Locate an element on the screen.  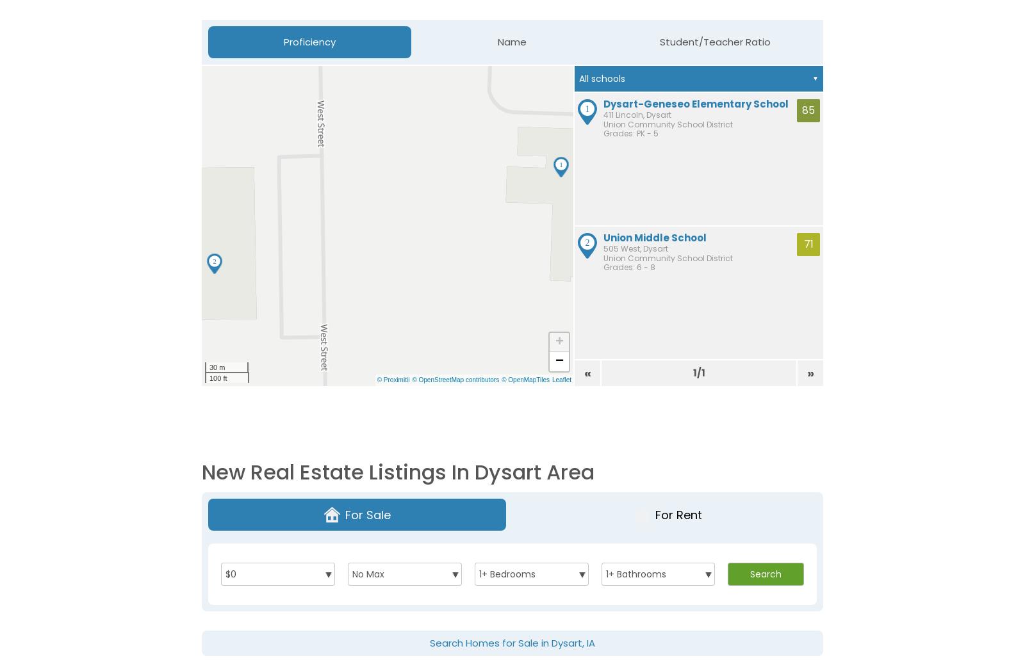
'411 Lincoln, Dysart' is located at coordinates (637, 113).